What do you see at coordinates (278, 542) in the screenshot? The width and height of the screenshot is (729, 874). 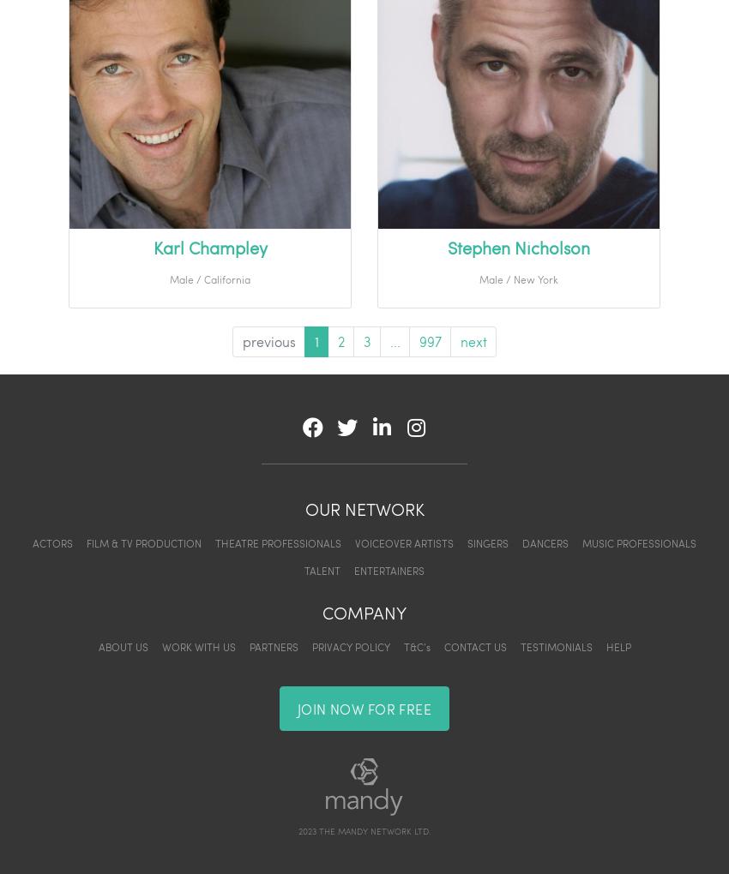 I see `'Theatre Professionals'` at bounding box center [278, 542].